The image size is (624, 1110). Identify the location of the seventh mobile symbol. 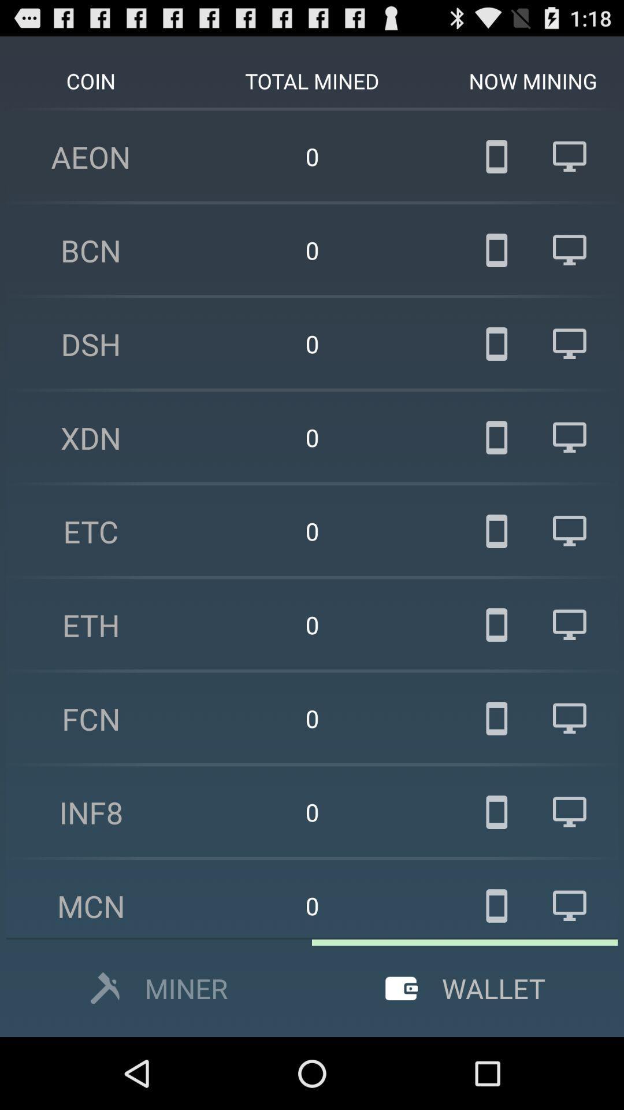
(496, 718).